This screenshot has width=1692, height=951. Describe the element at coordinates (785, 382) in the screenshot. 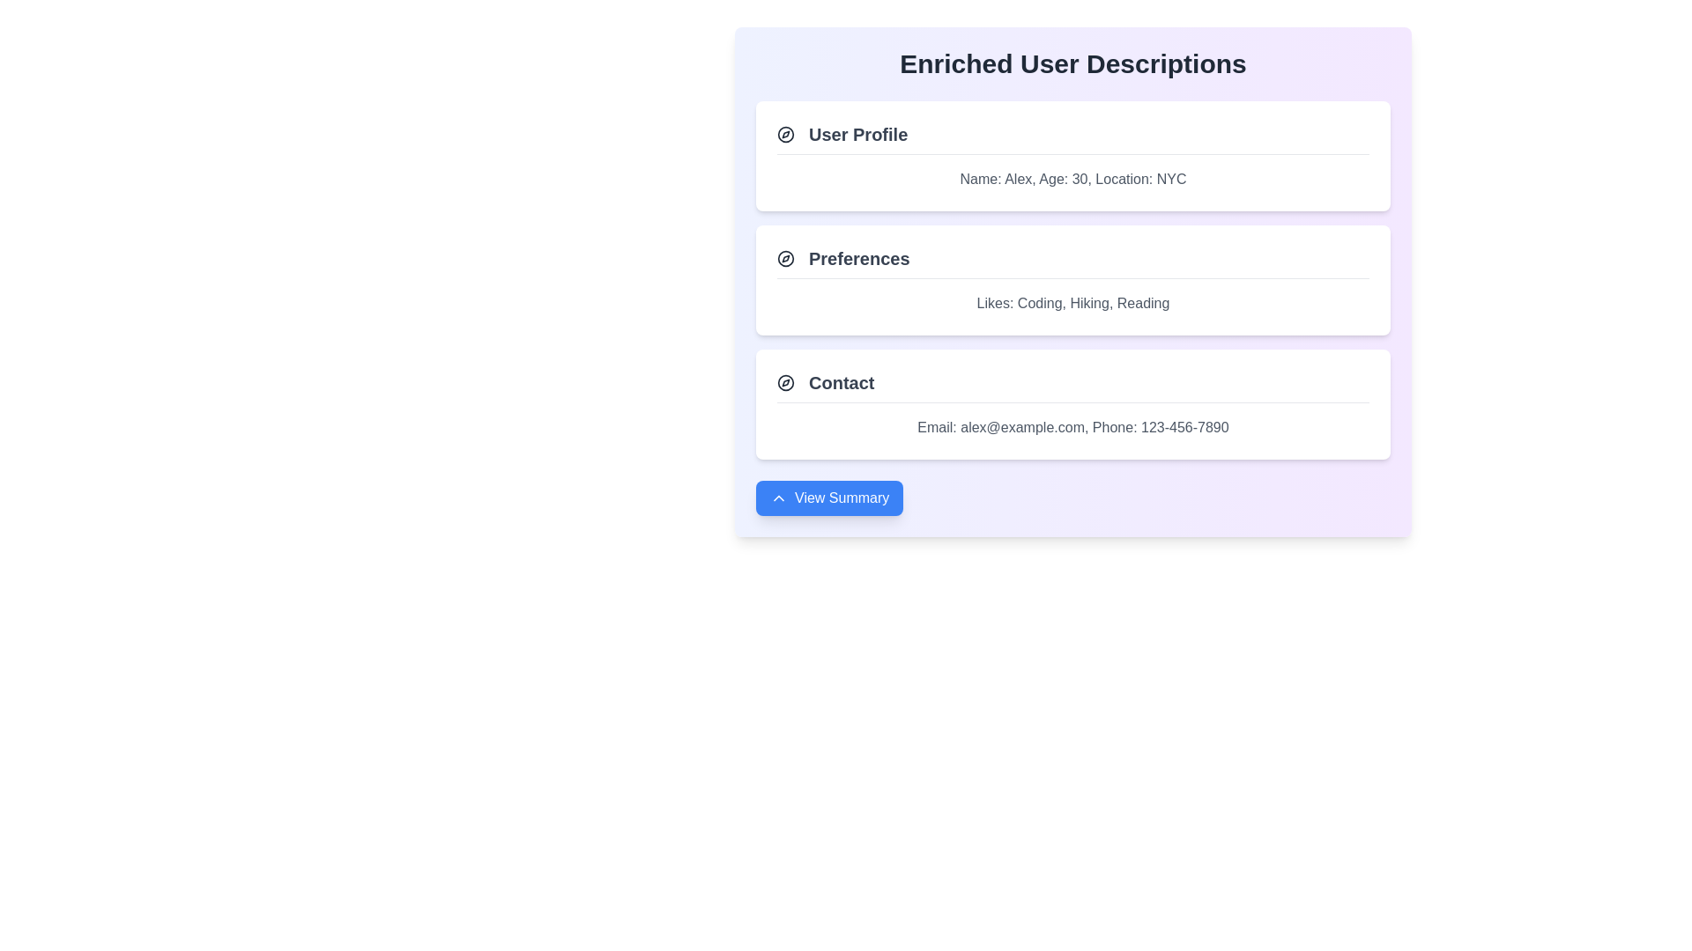

I see `the compass icon located in the 'Contact' section, which is positioned to the left of the section title 'Contact'` at that location.